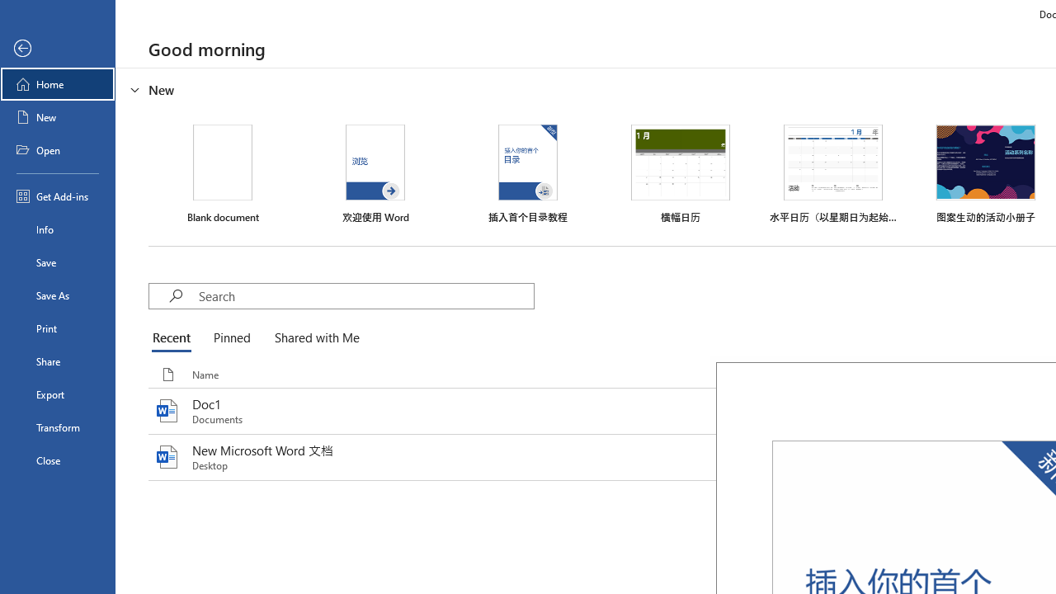 This screenshot has height=594, width=1056. Describe the element at coordinates (8, 9) in the screenshot. I see `'System'` at that location.